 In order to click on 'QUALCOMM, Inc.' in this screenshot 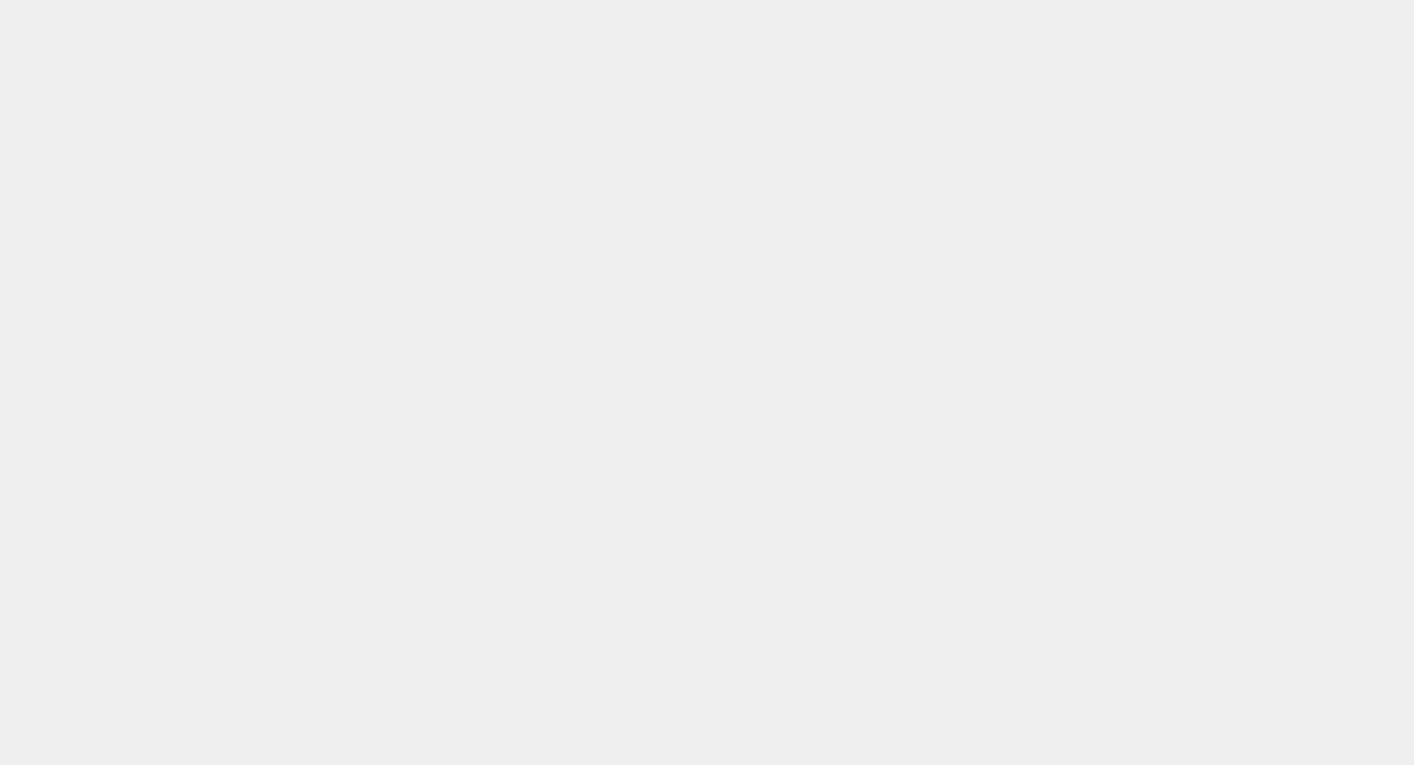, I will do `click(225, 67)`.